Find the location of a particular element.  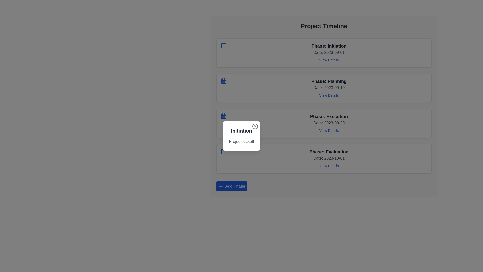

the hyperlink located below the 'Date: 2023-09-01' text in the 'Phase: Initiation' section is located at coordinates (329, 60).